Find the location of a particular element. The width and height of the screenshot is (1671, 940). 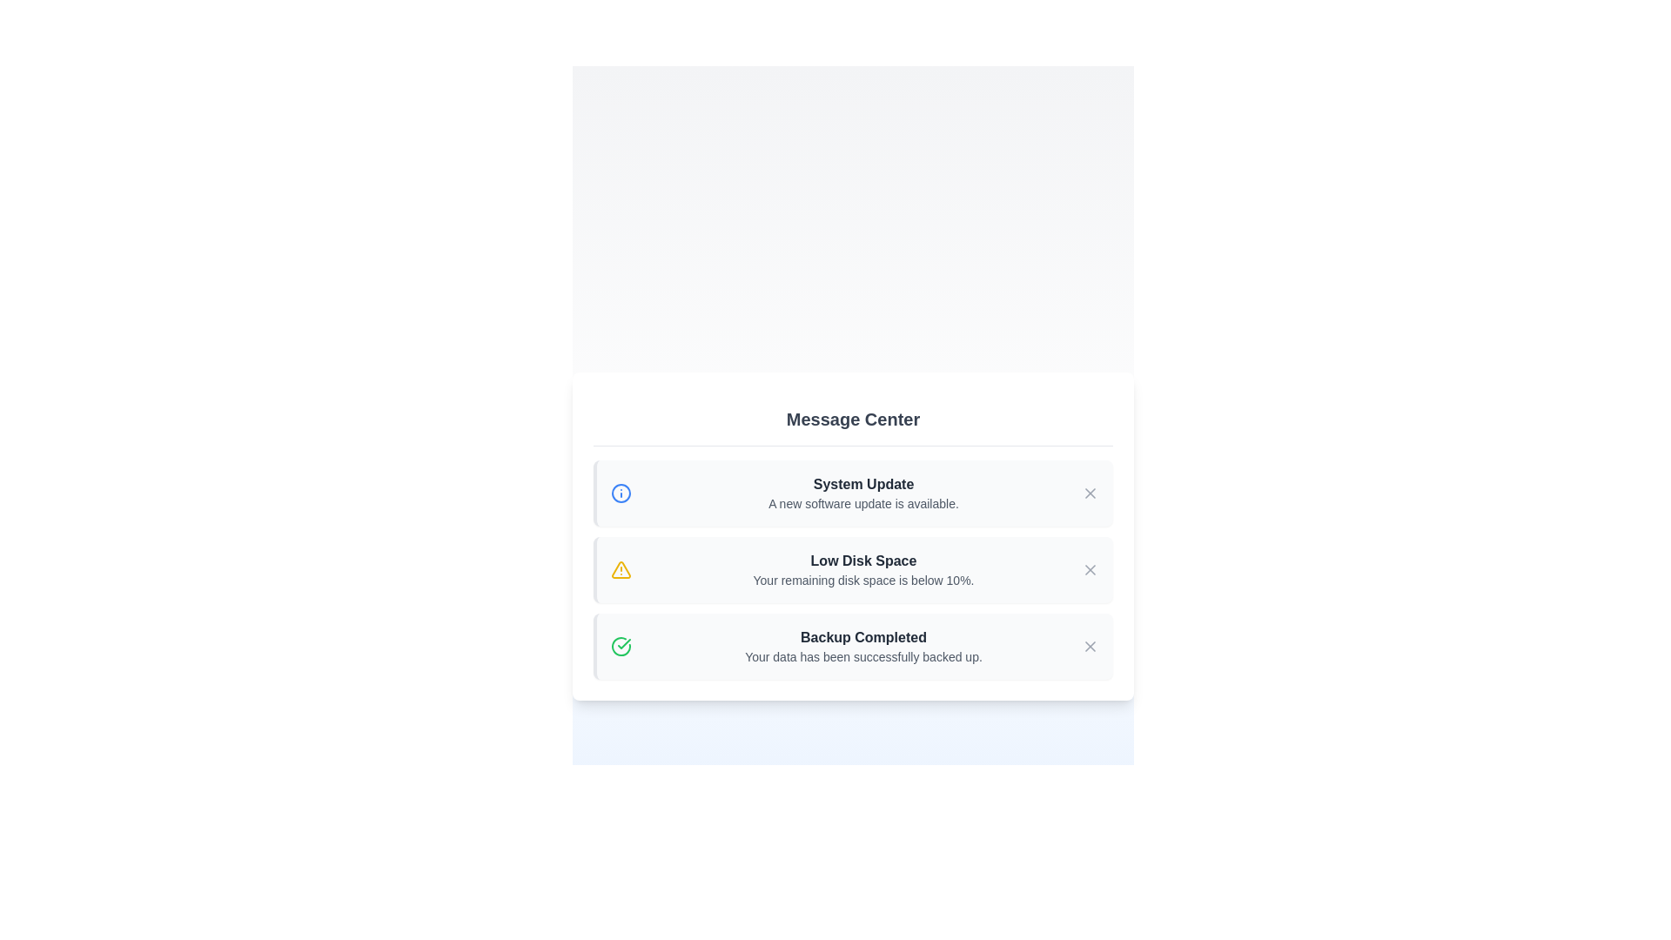

the warning icon indicating 'Low Disk Space' located on the left side of the notification content is located at coordinates (621, 569).